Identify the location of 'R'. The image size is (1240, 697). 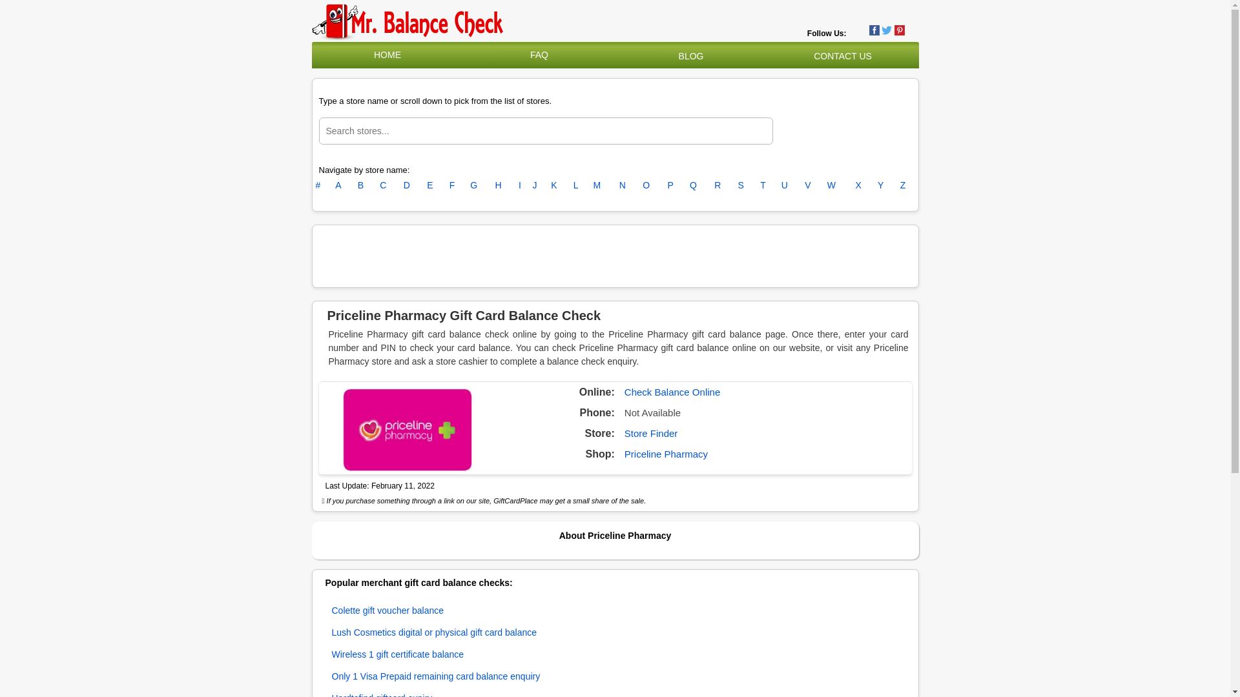
(716, 185).